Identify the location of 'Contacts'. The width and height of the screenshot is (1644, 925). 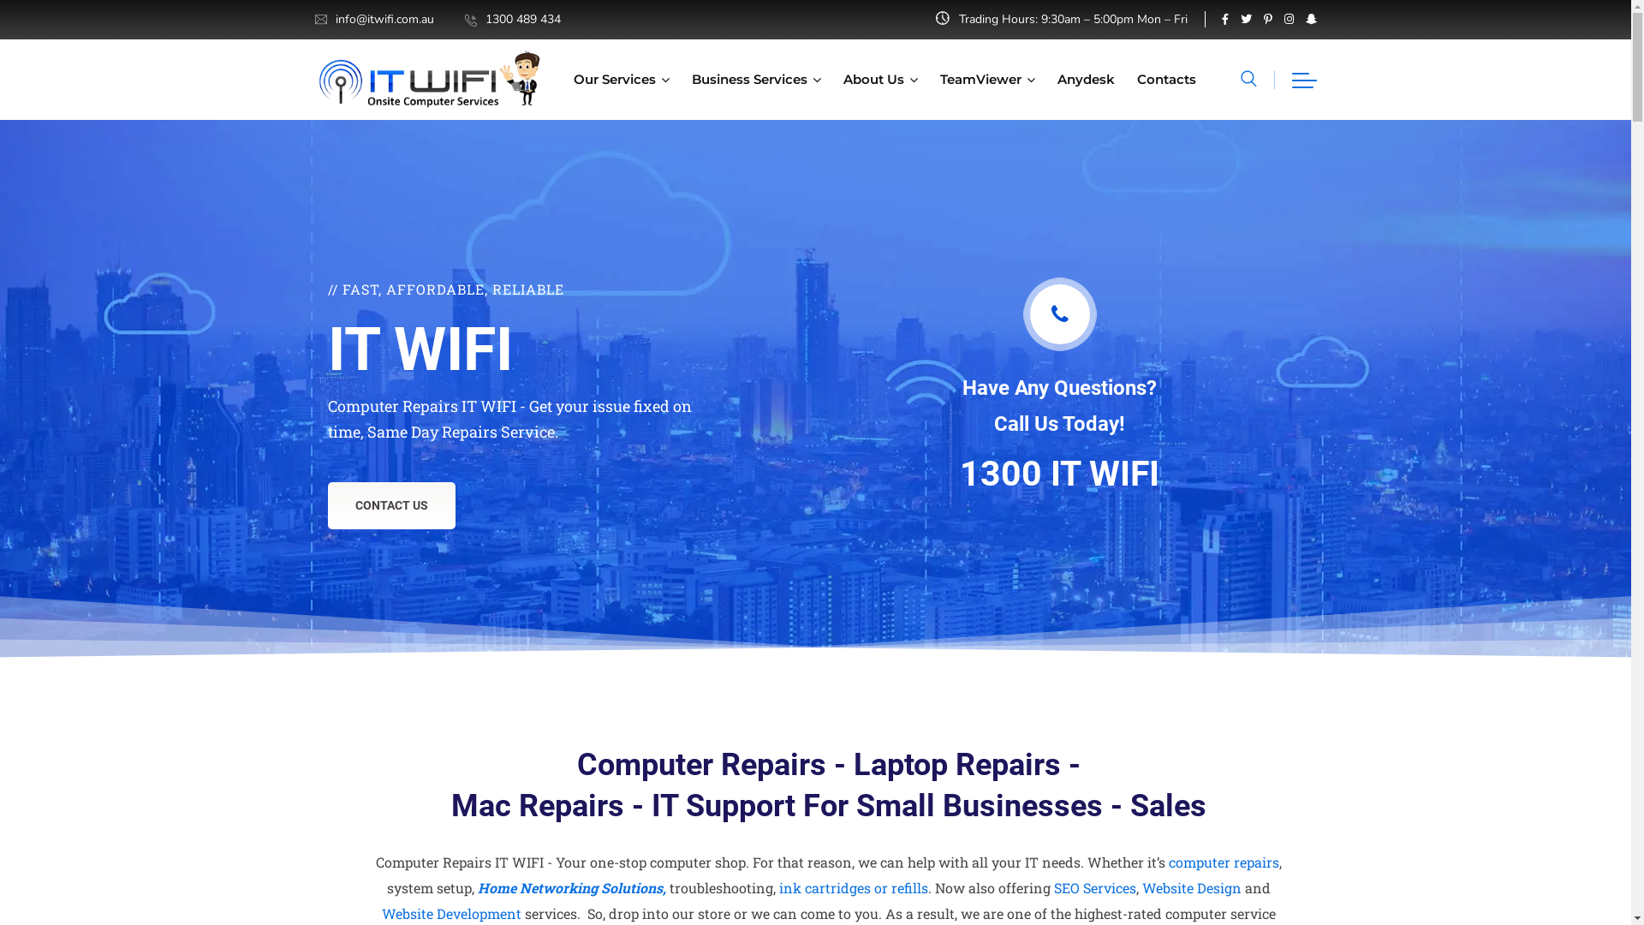
(1165, 79).